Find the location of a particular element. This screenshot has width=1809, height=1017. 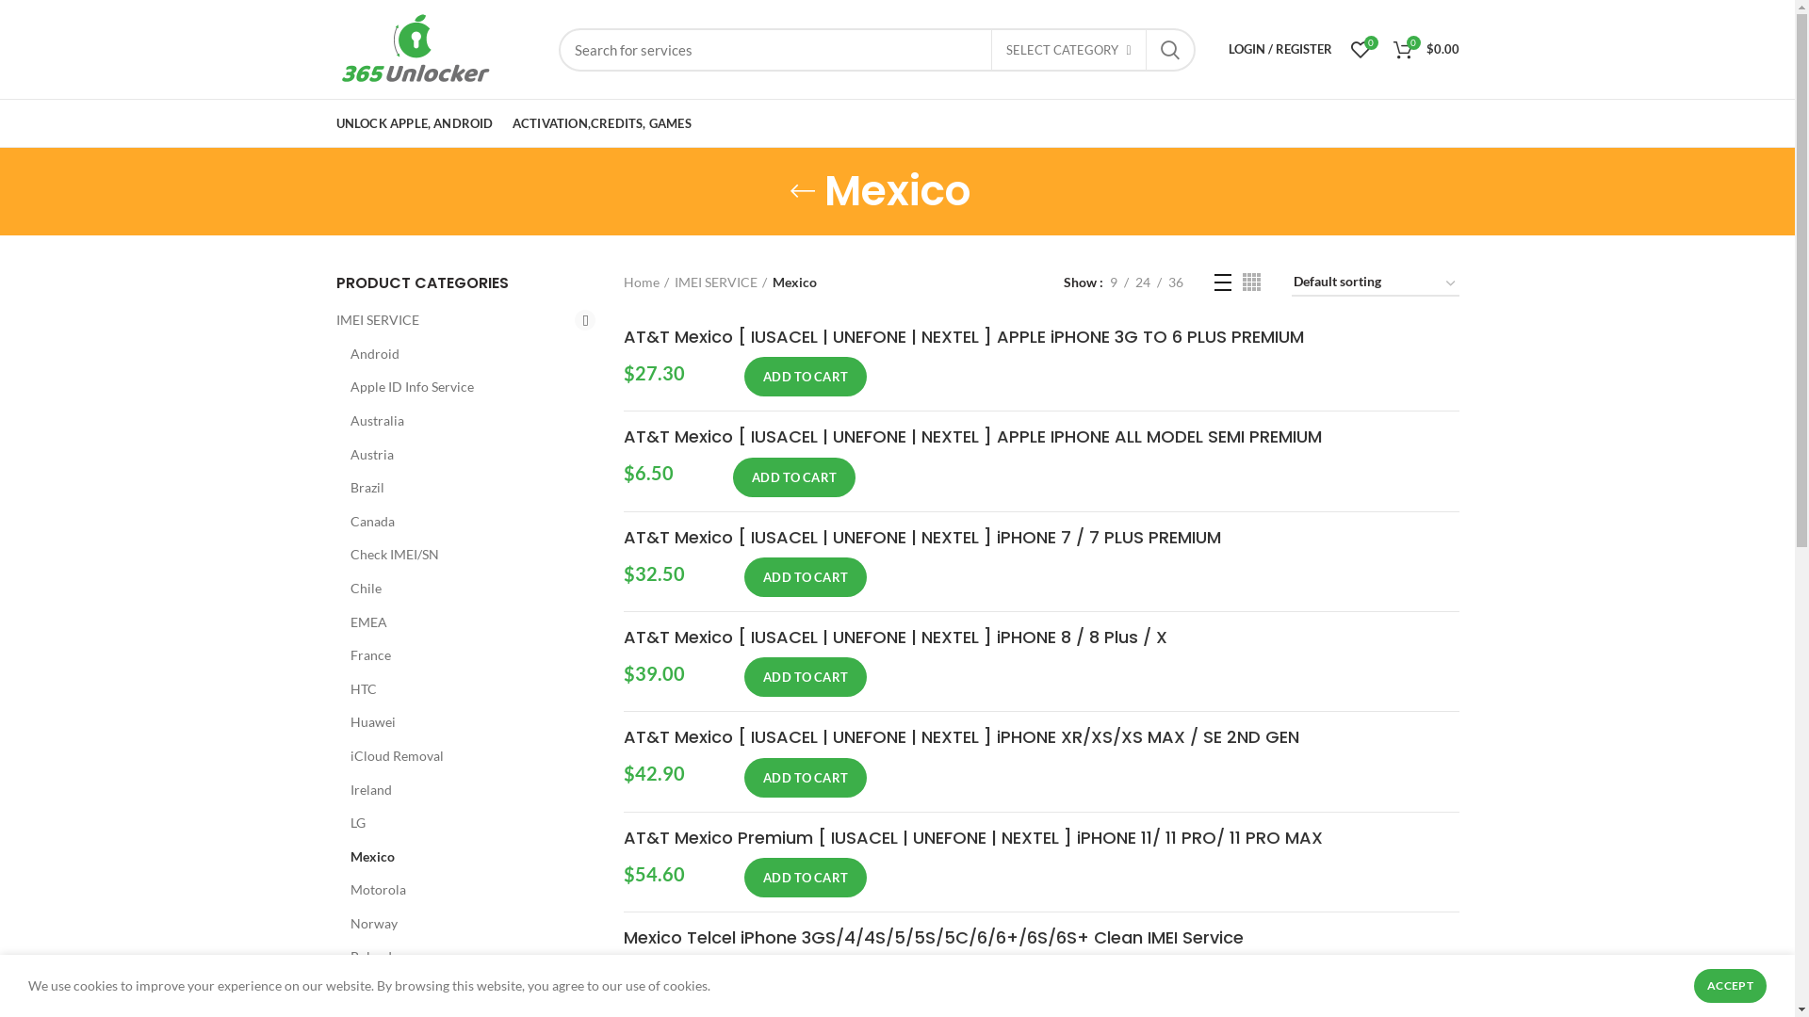

'Huawei' is located at coordinates (461, 721).